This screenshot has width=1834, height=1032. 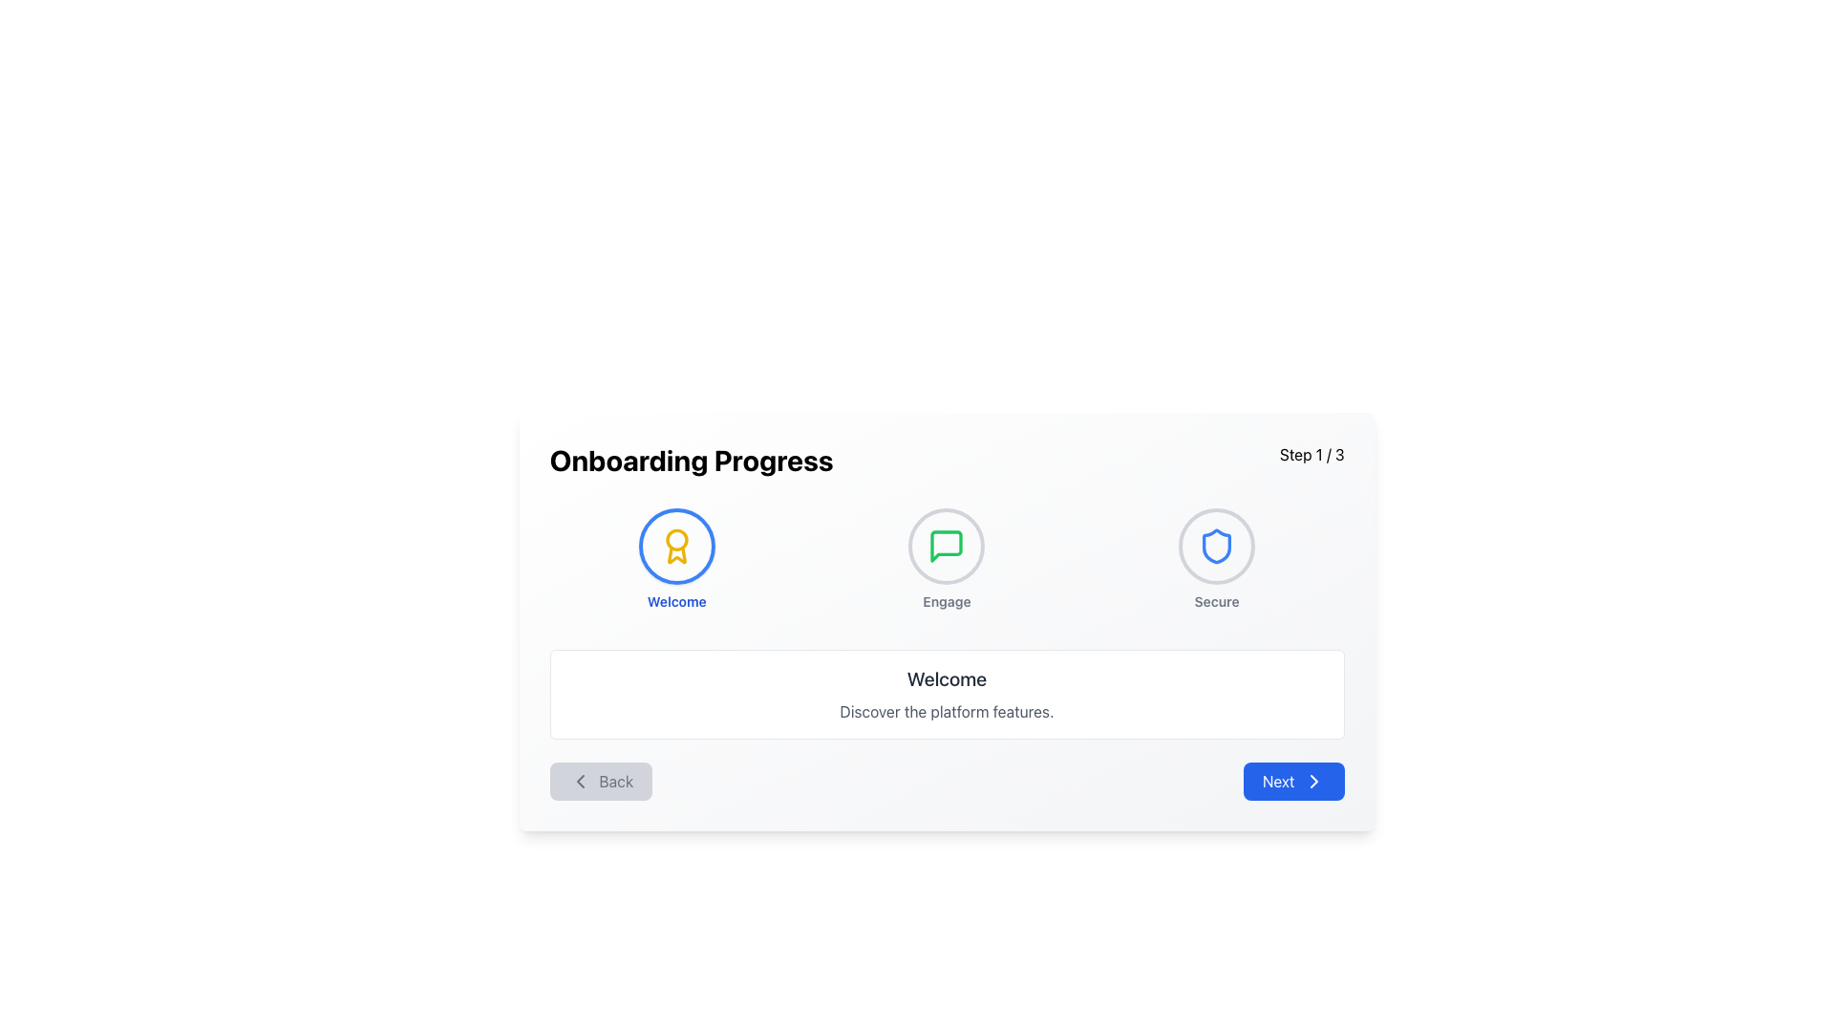 I want to click on the 'Welcome' text label displayed in large, bold gray font, so click(x=947, y=677).